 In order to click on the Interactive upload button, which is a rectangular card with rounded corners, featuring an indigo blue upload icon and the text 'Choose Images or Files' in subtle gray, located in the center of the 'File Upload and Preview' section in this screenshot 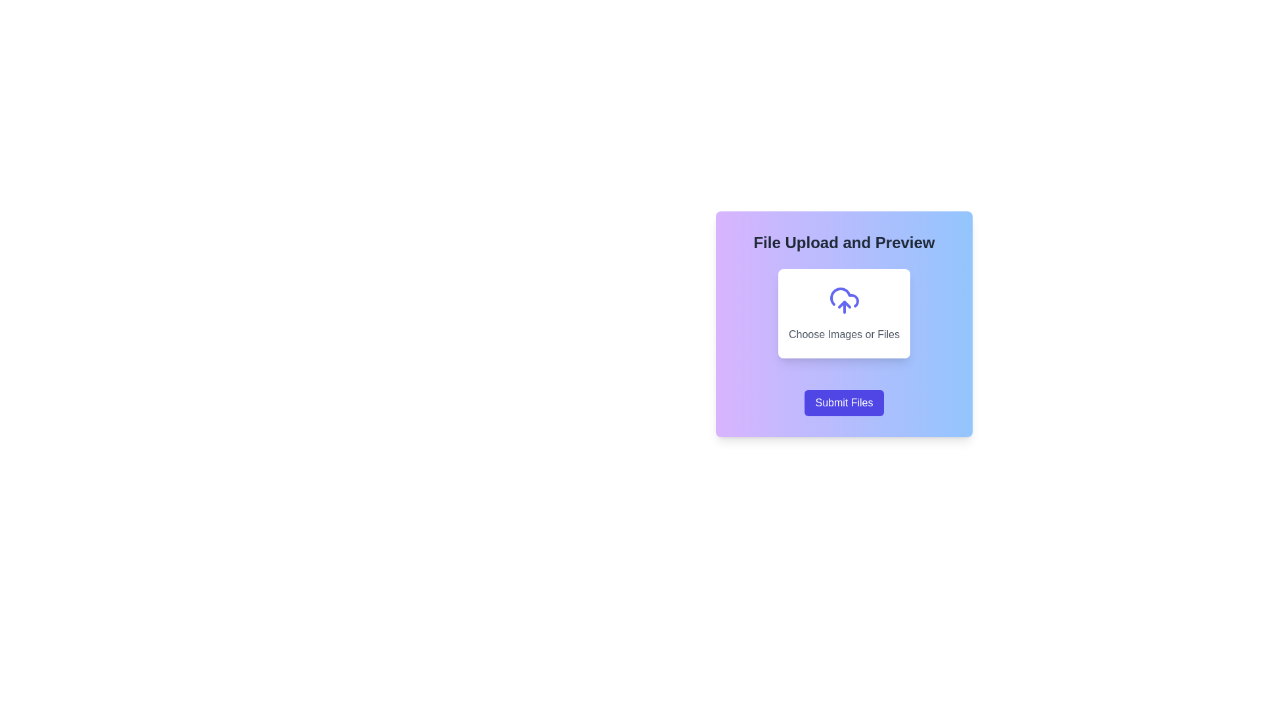, I will do `click(844, 314)`.